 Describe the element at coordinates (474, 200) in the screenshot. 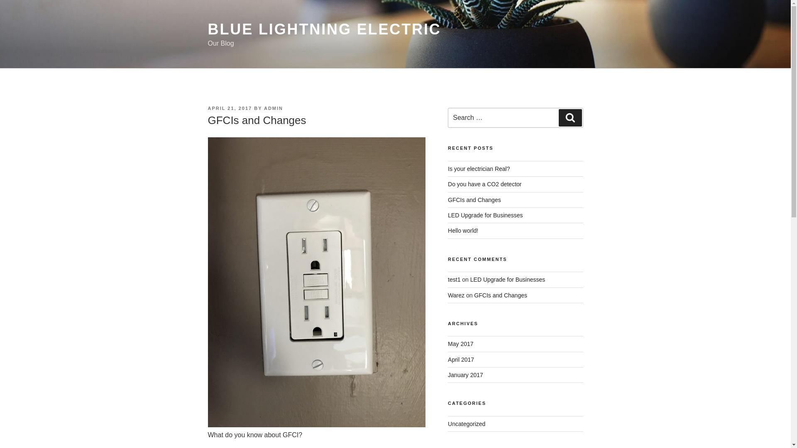

I see `'GFCIs and Changes'` at that location.